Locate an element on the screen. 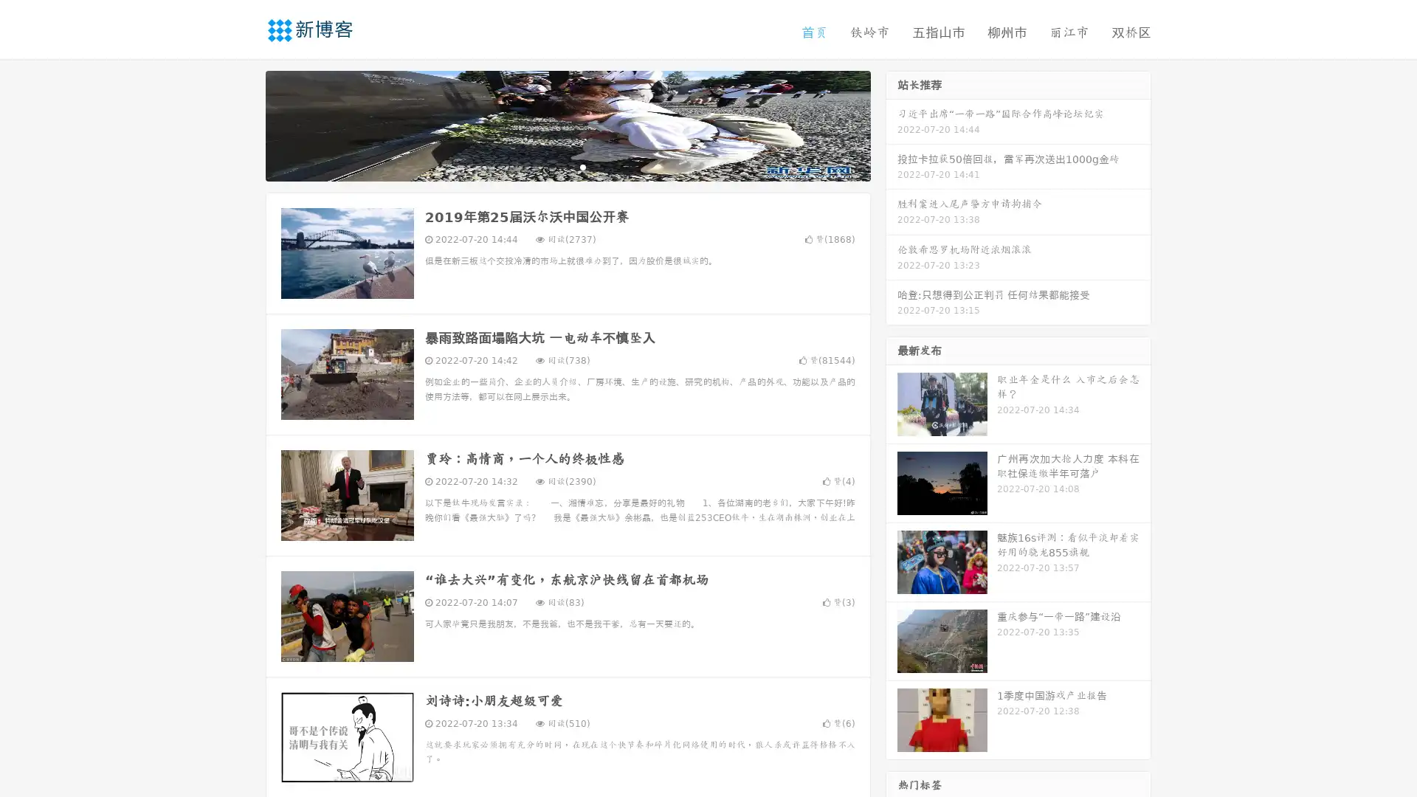 This screenshot has height=797, width=1417. Go to slide 3 is located at coordinates (582, 166).